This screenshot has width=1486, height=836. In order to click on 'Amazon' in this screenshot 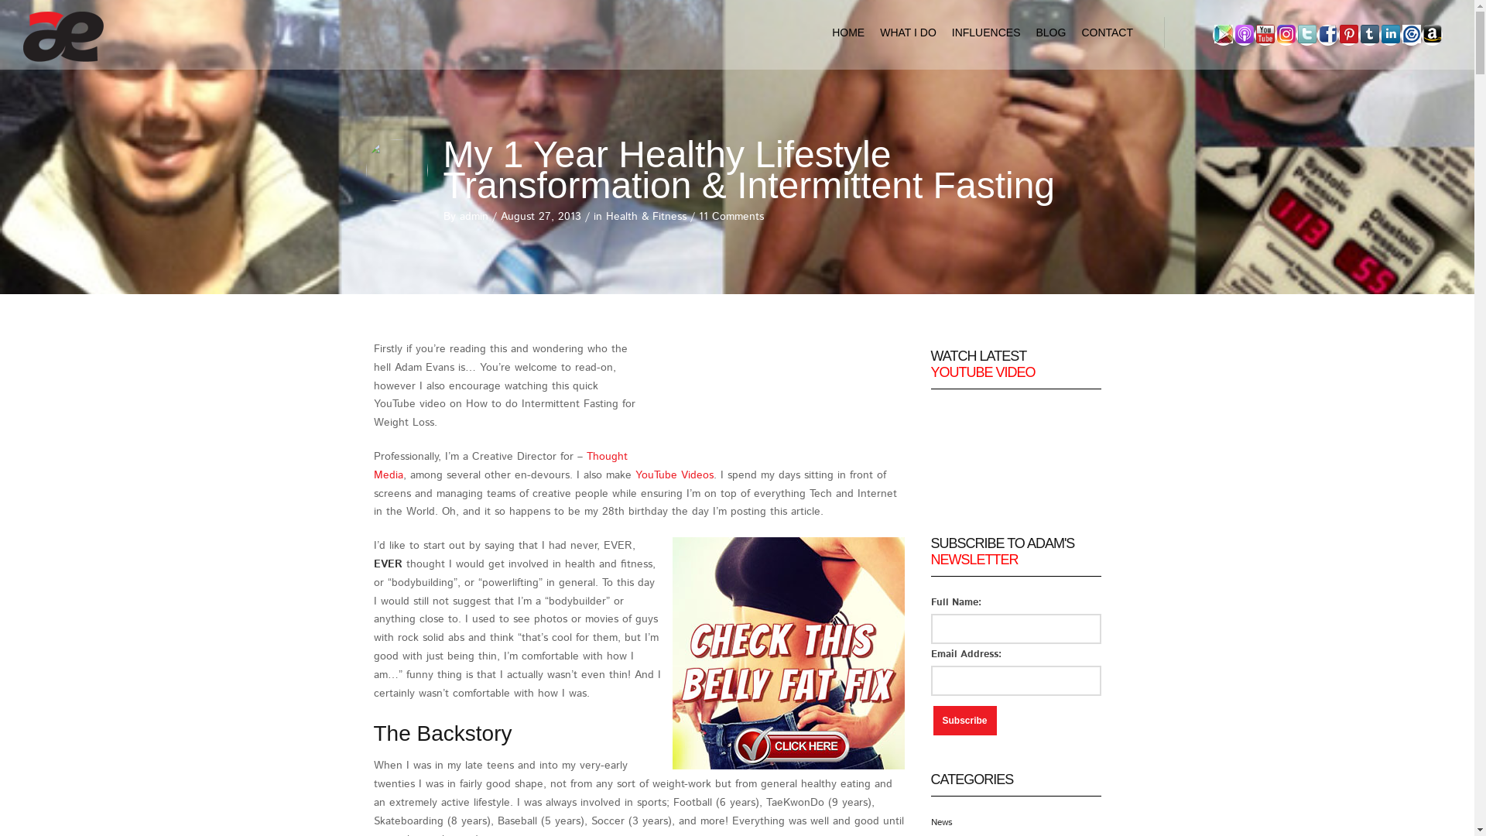, I will do `click(1430, 33)`.